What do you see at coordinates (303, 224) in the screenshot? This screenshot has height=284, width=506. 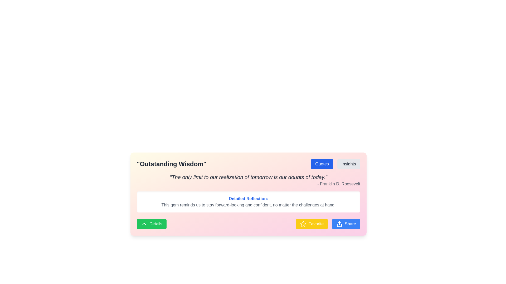 I see `the star icon located on the left of the 'Favorite' button with a yellow background, which enhances its visual appeal` at bounding box center [303, 224].